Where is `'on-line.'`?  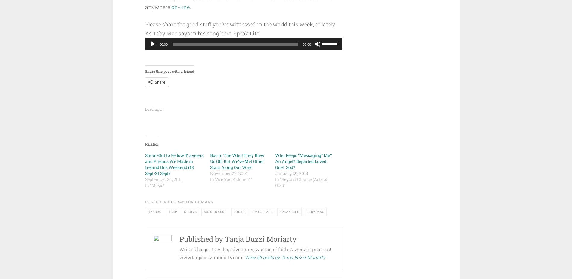
'on-line.' is located at coordinates (181, 7).